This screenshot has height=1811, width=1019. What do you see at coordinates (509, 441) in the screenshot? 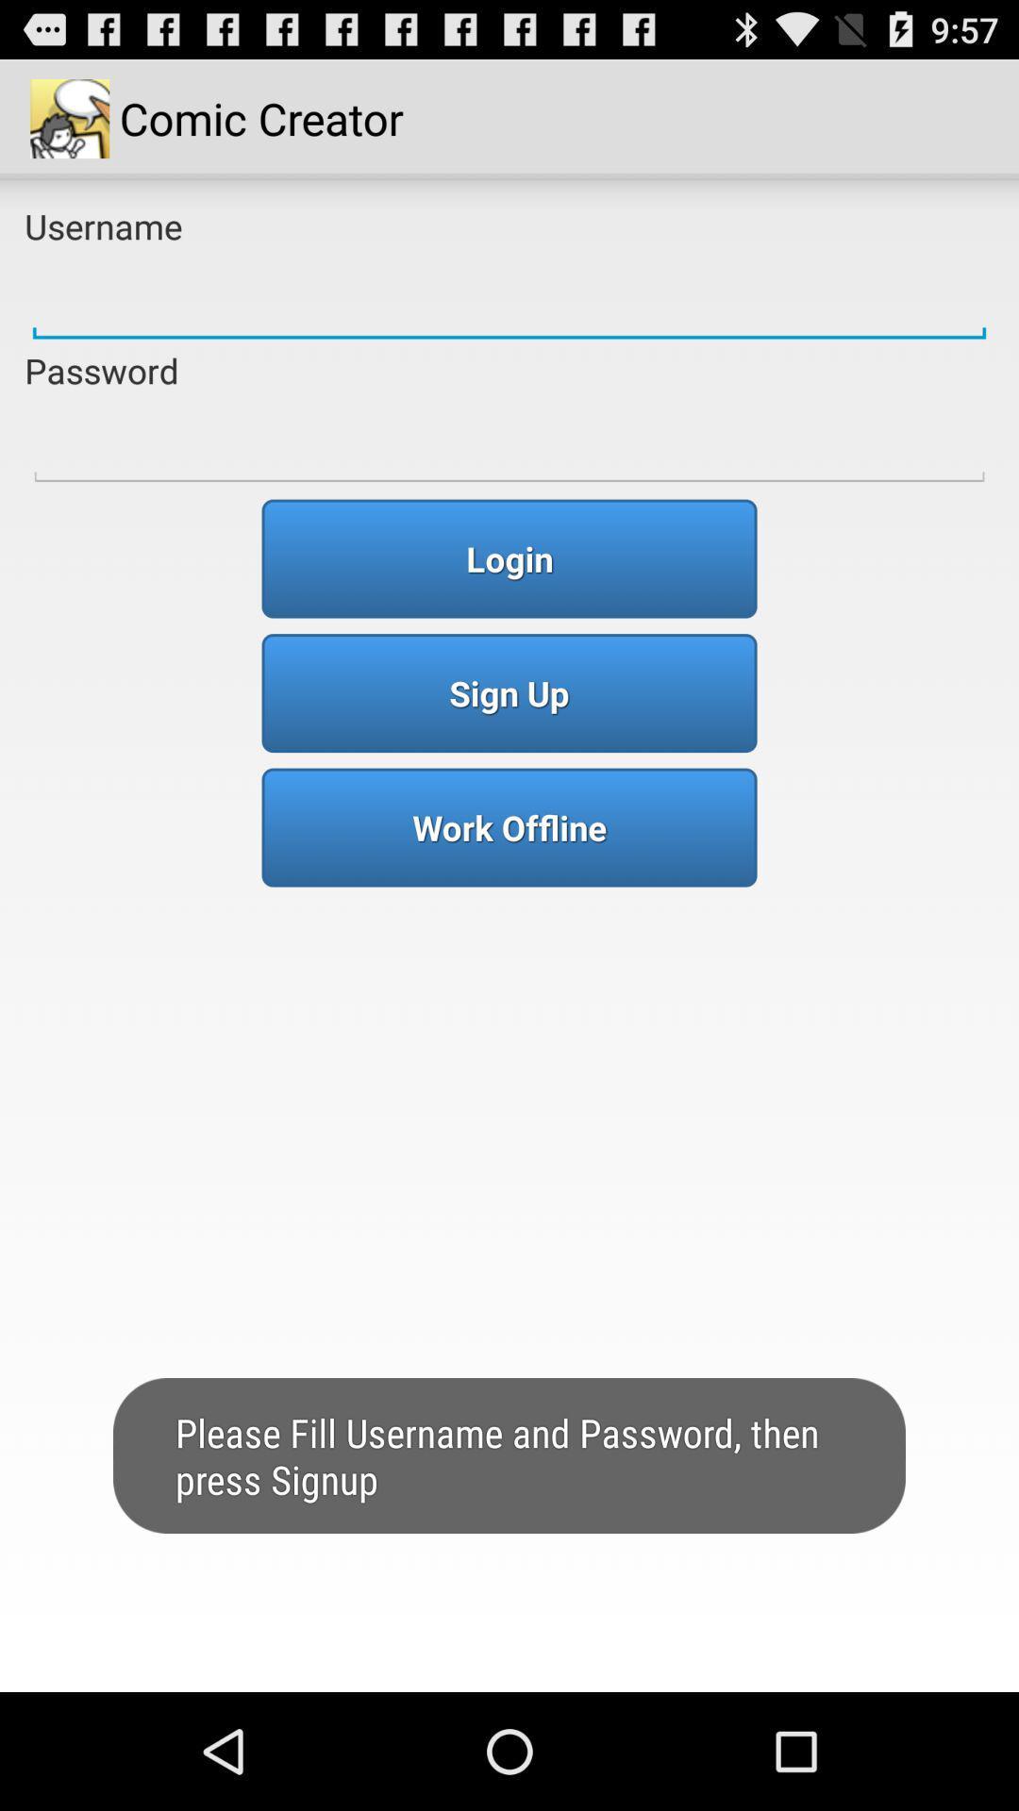
I see `input password` at bounding box center [509, 441].